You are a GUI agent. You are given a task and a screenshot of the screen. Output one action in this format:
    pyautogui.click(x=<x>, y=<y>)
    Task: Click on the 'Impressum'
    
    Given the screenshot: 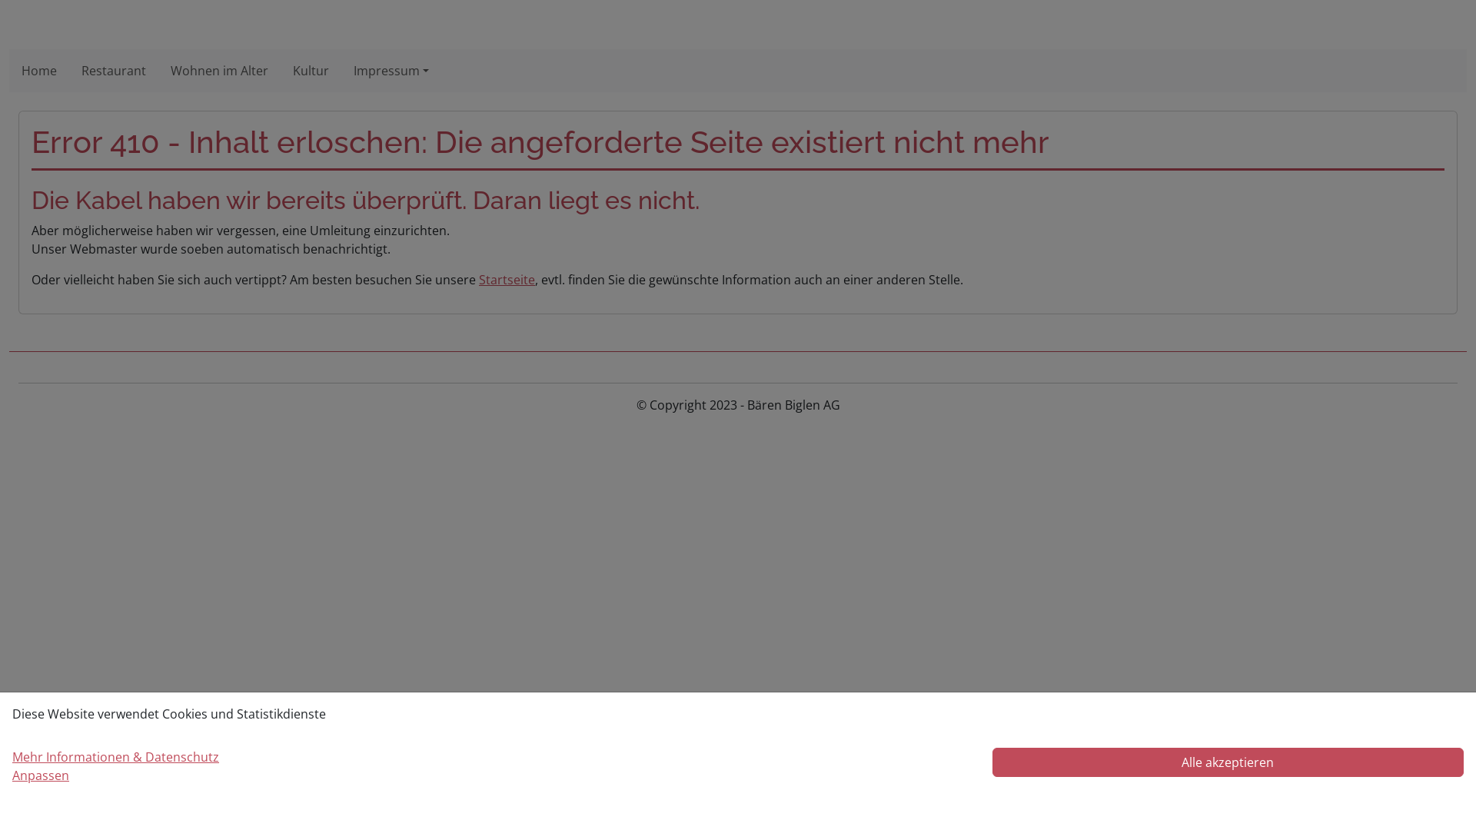 What is the action you would take?
    pyautogui.click(x=391, y=71)
    